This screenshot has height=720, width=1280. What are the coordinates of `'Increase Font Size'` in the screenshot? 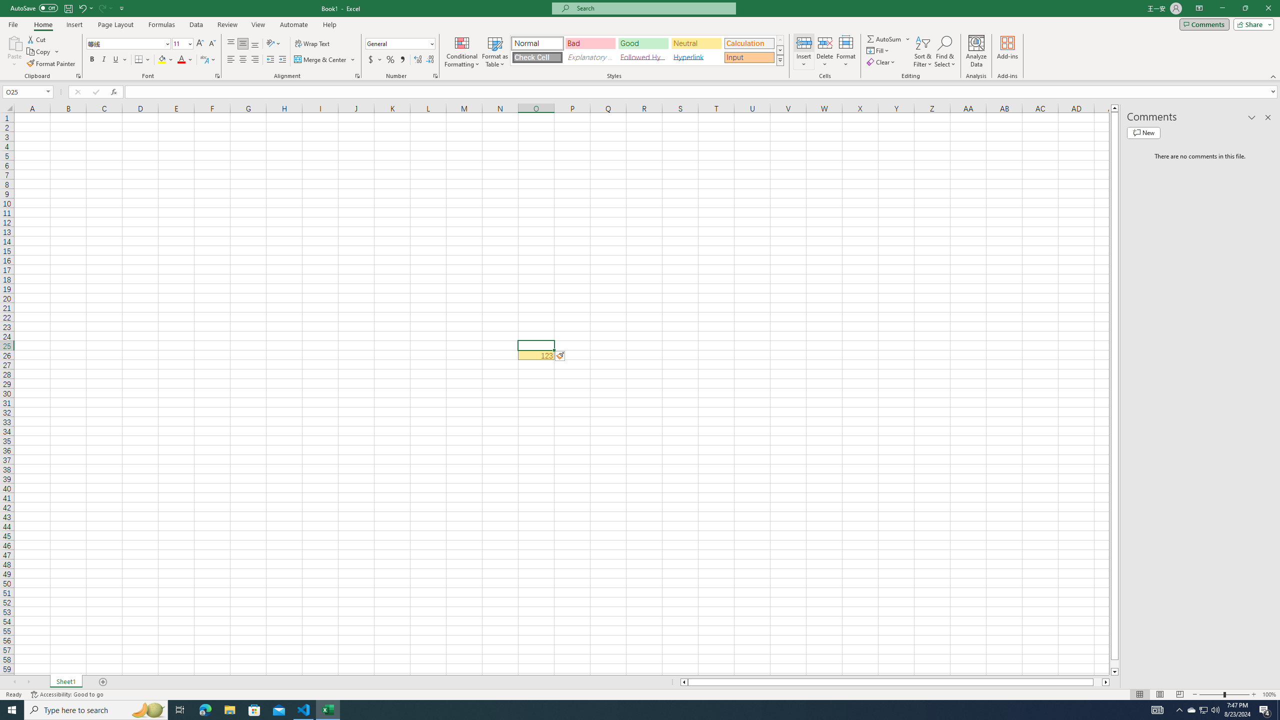 It's located at (199, 43).